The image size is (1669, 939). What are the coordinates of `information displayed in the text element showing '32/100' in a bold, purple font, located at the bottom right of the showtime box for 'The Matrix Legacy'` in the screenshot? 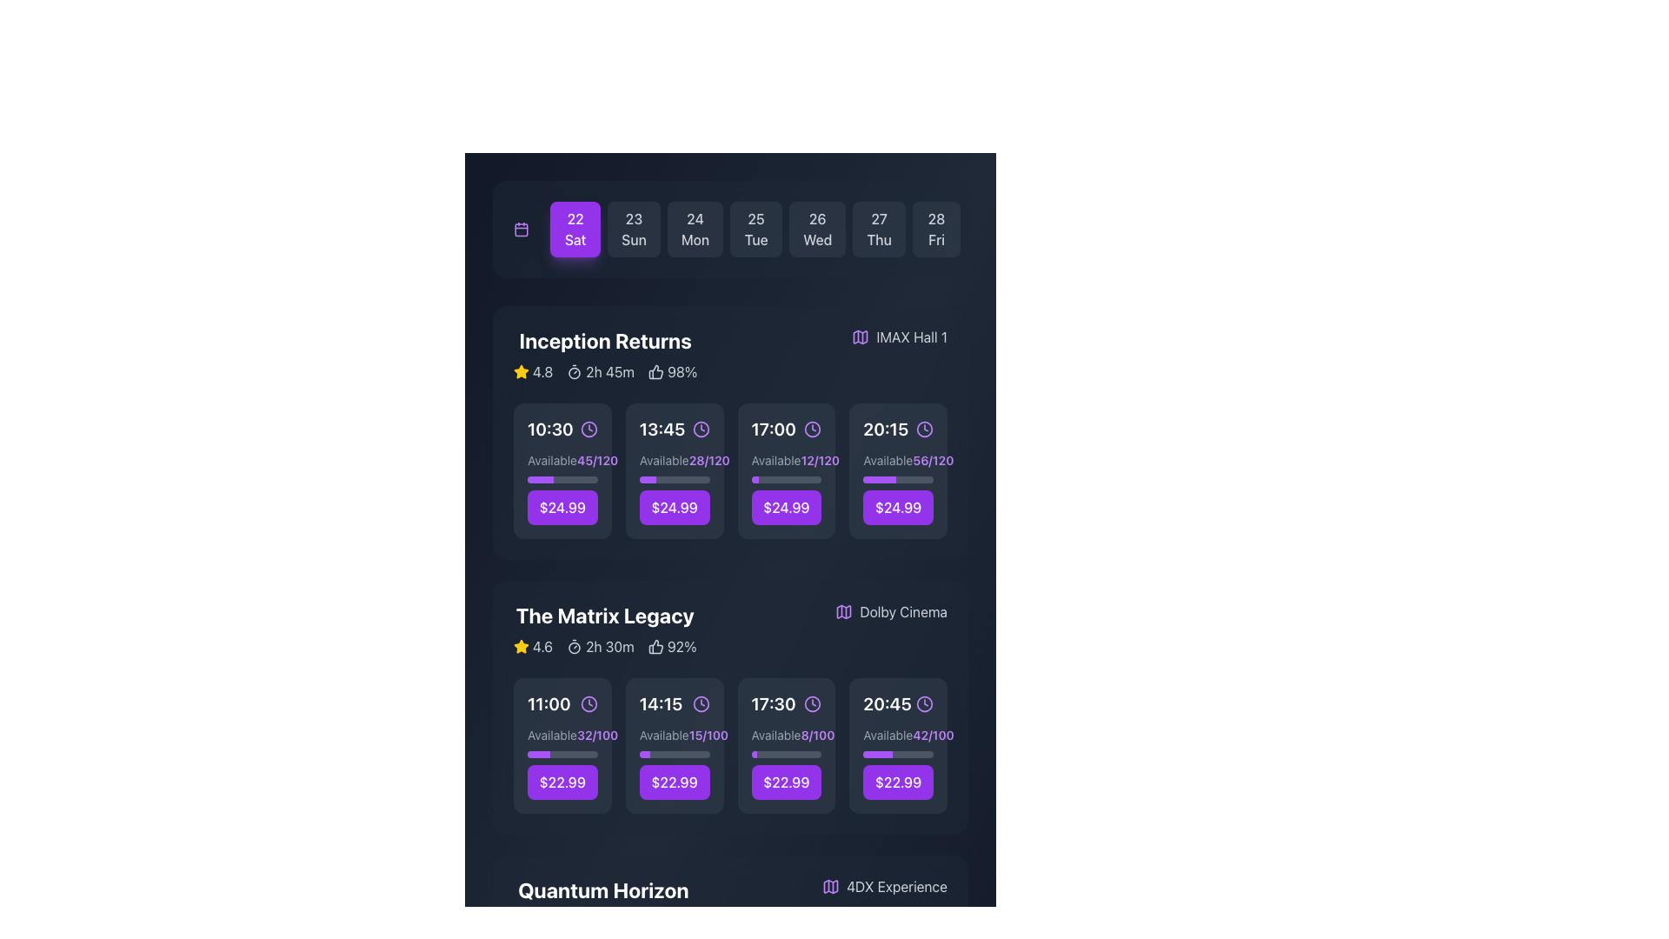 It's located at (597, 735).